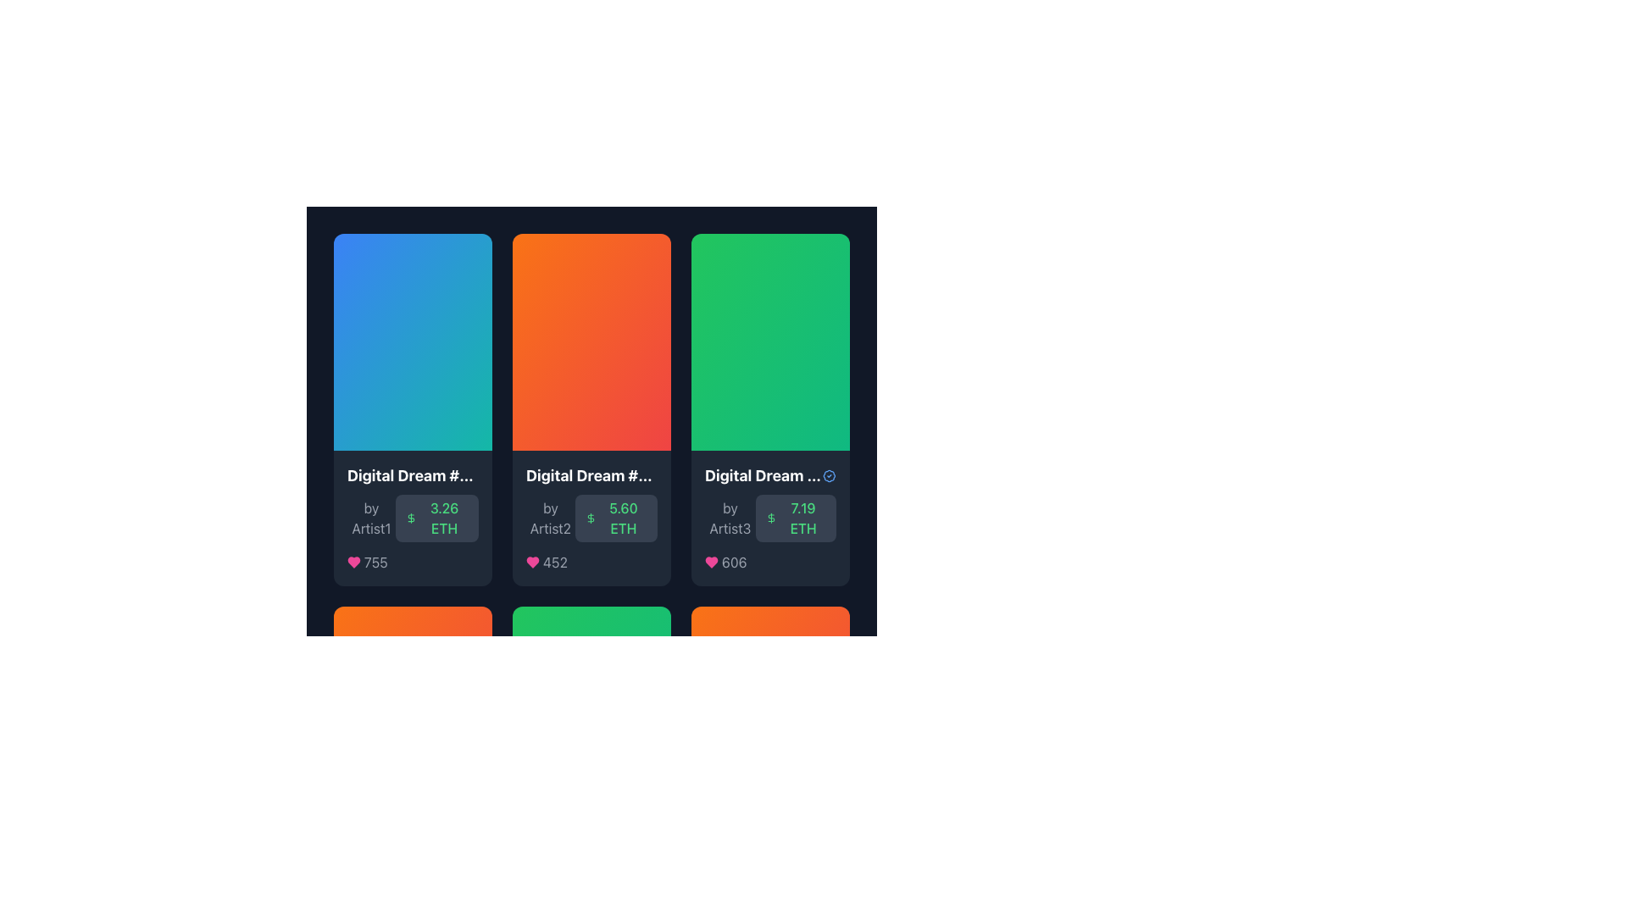 This screenshot has height=915, width=1627. What do you see at coordinates (591, 518) in the screenshot?
I see `the small green dollar sign icon associated with the numeric value '5.60 ETH' in the second item of the horizontal list of cards` at bounding box center [591, 518].